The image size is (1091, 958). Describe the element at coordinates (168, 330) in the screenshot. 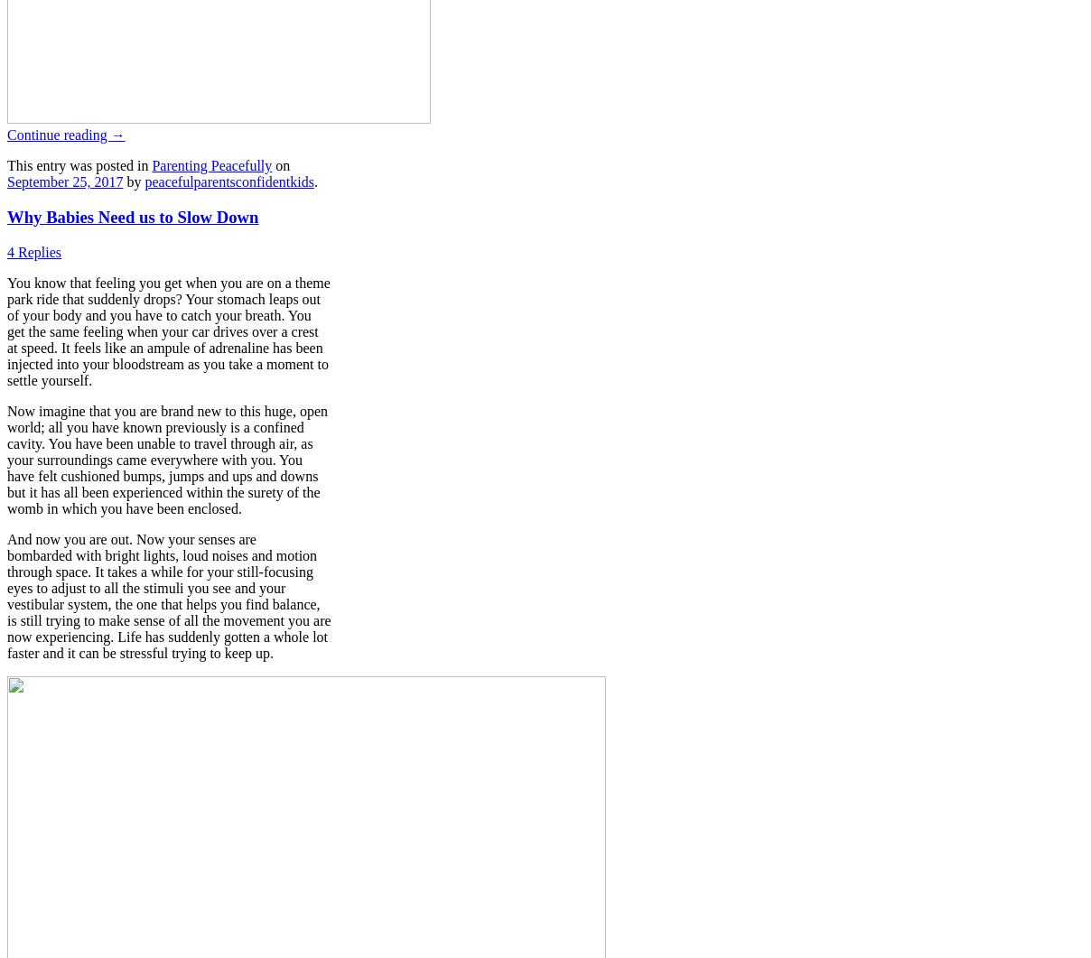

I see `'You know that feeling you get when you are on a theme park ride that suddenly drops? Your stomach leaps out of your body and you have to catch your breath. You get the same feeling when your car drives over a crest at speed. It feels like an ampule of adrenaline has been injected into your bloodstream as you take a moment to settle yourself.'` at that location.